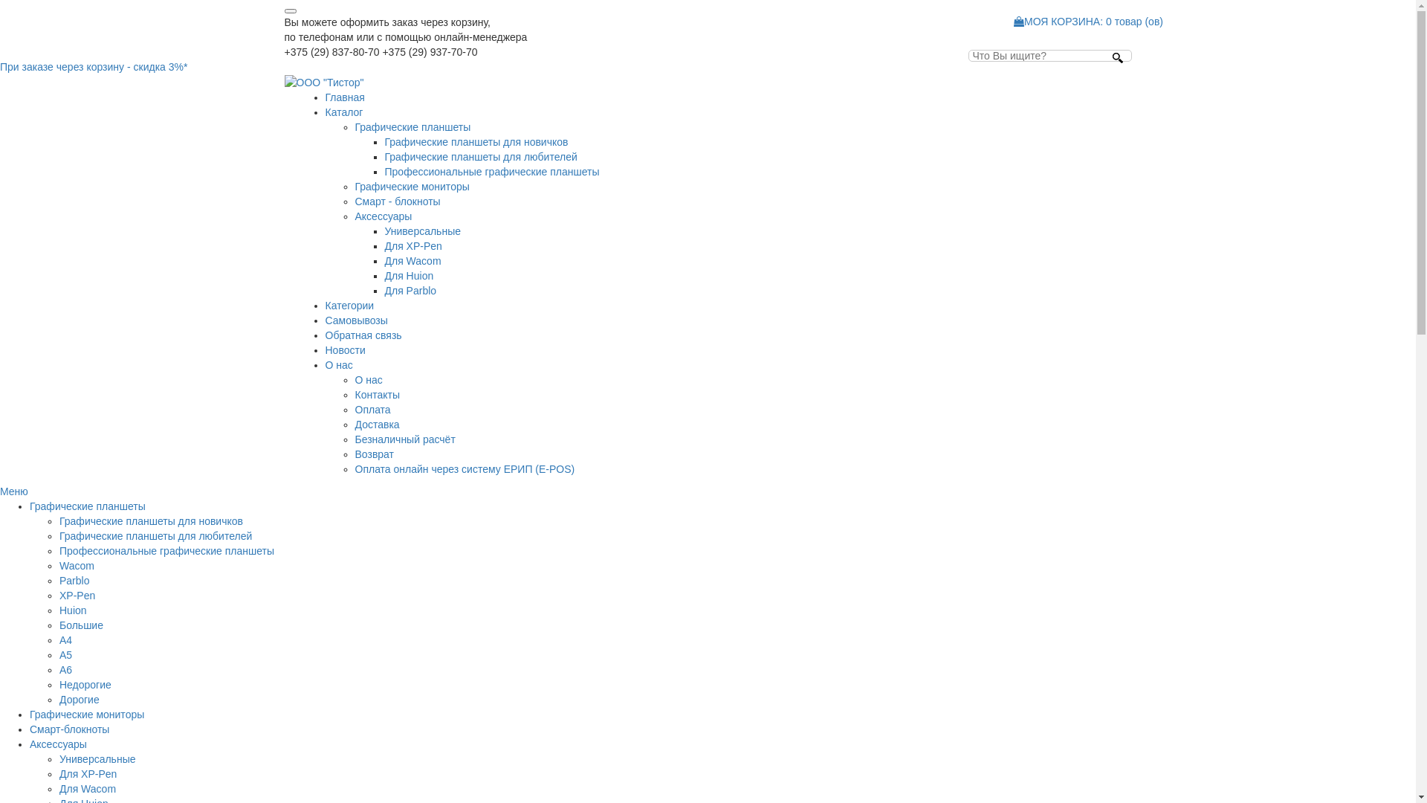 The height and width of the screenshot is (803, 1427). I want to click on 'XP-Pen', so click(77, 595).